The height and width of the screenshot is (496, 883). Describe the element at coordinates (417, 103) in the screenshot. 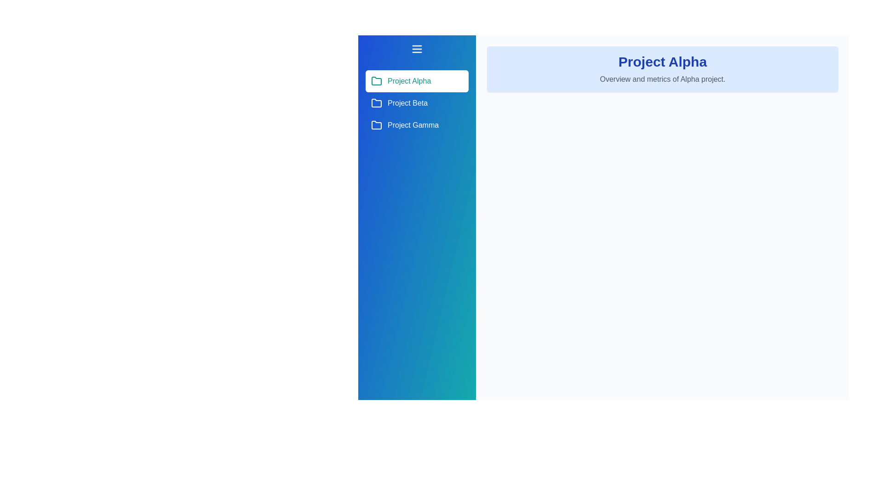

I see `the project name Project Beta in the sidebar to select it` at that location.